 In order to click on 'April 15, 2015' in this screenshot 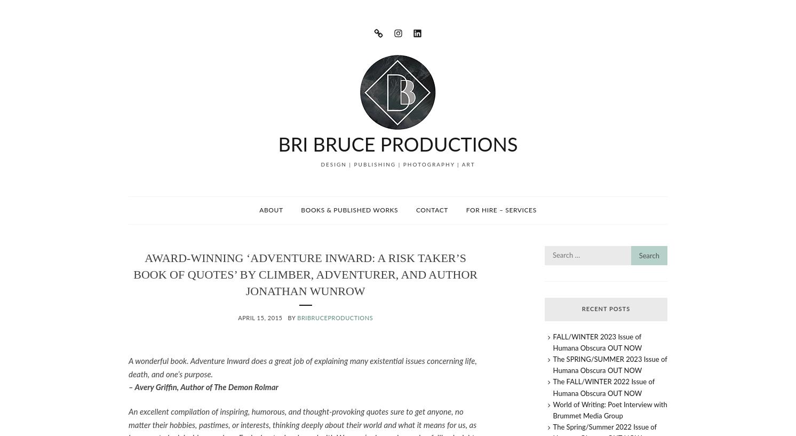, I will do `click(237, 318)`.